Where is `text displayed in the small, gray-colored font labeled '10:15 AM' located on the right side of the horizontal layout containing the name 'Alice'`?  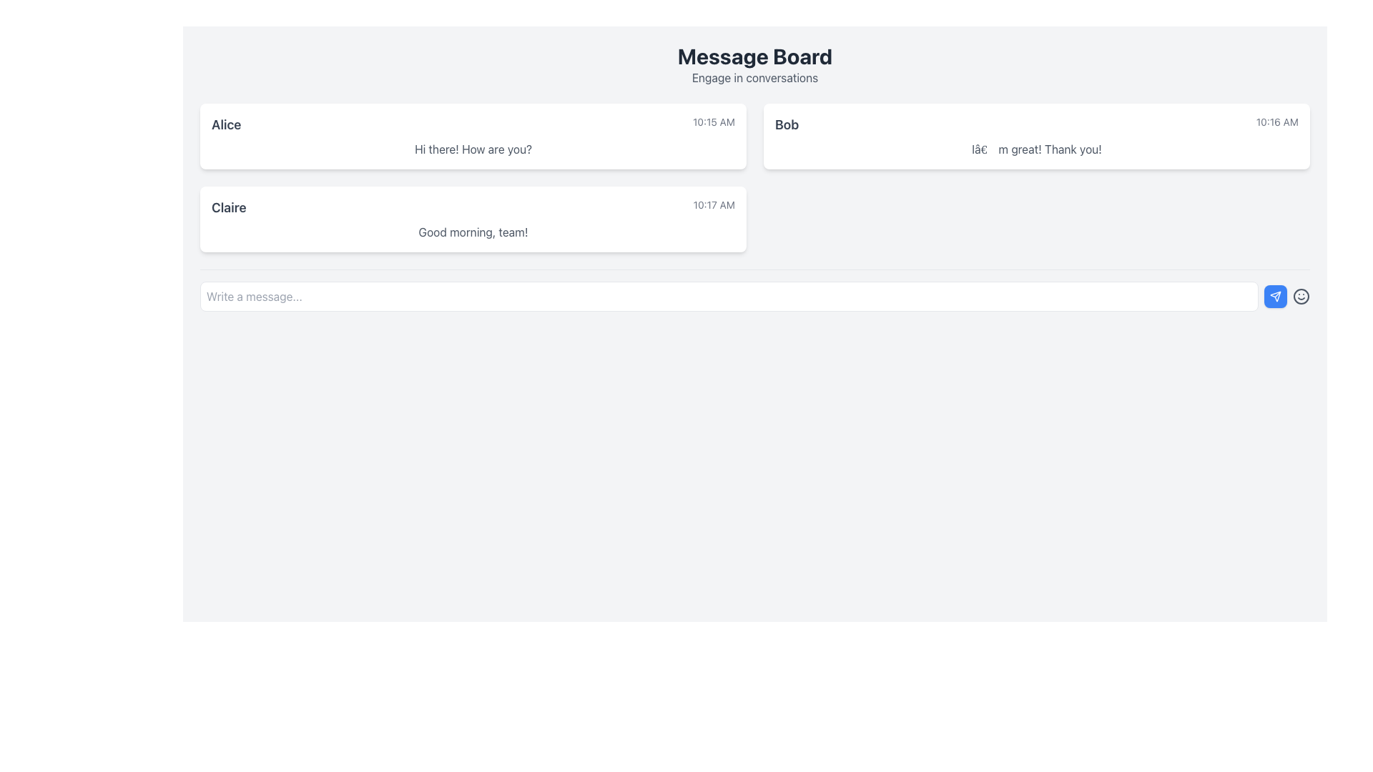
text displayed in the small, gray-colored font labeled '10:15 AM' located on the right side of the horizontal layout containing the name 'Alice' is located at coordinates (714, 124).